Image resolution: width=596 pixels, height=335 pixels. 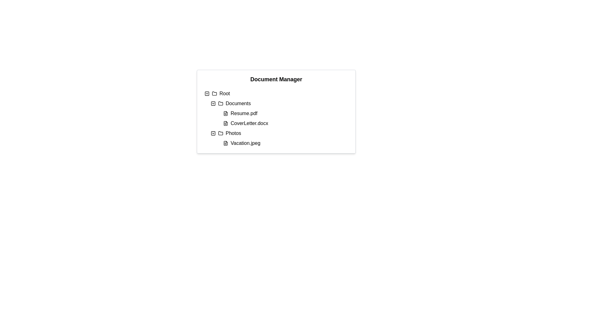 What do you see at coordinates (285, 143) in the screenshot?
I see `the list item representing the file 'Vacation.jpeg' located under the 'Photos' folder` at bounding box center [285, 143].